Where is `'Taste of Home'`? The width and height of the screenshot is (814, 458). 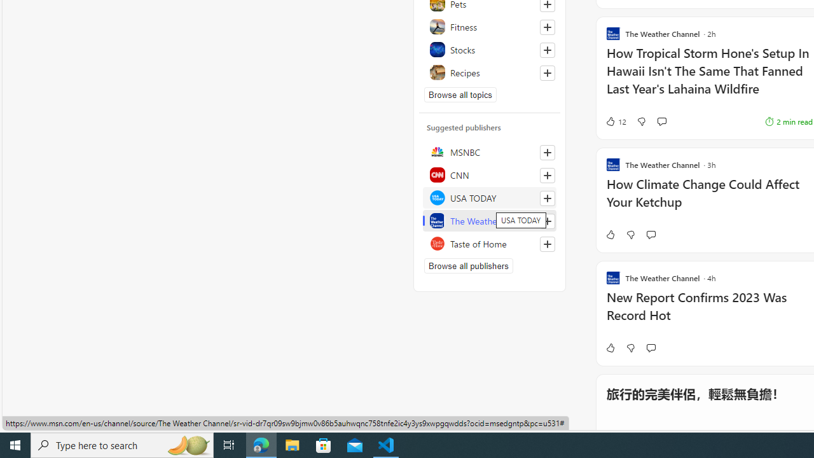 'Taste of Home' is located at coordinates (489, 244).